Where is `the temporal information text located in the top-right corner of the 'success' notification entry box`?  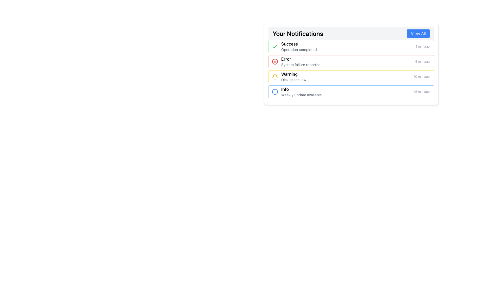 the temporal information text located in the top-right corner of the 'success' notification entry box is located at coordinates (423, 46).